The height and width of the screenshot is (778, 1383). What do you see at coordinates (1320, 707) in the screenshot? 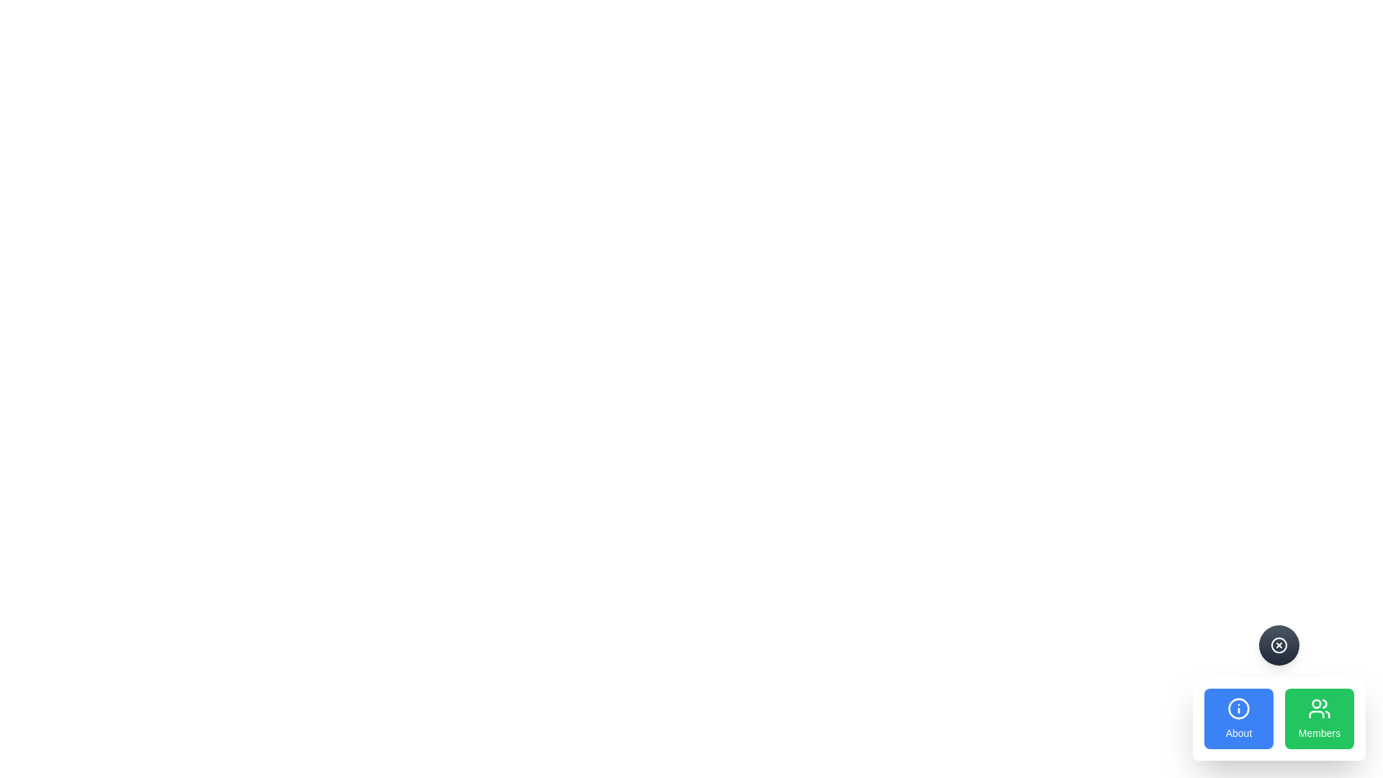
I see `the icon representing two users, which is located within the green 'Members' button` at bounding box center [1320, 707].